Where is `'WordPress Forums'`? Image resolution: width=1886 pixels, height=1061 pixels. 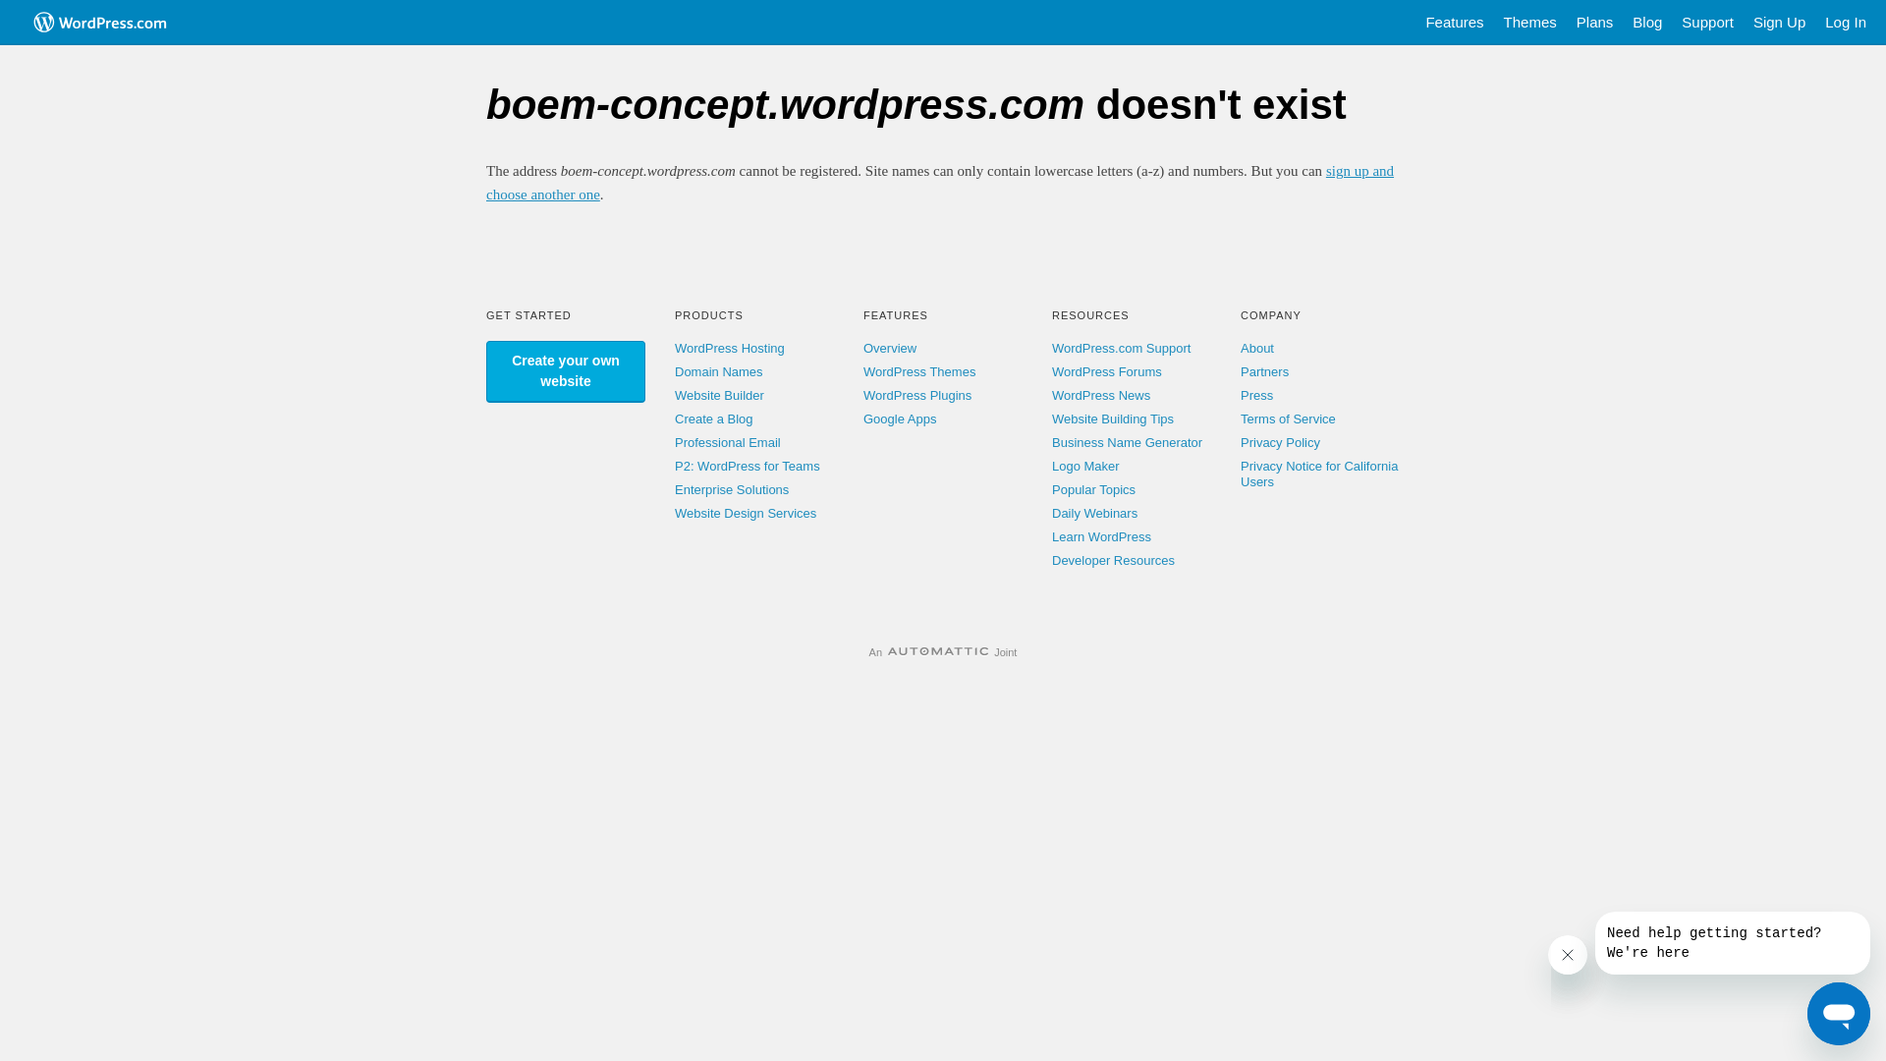
'WordPress Forums' is located at coordinates (1107, 371).